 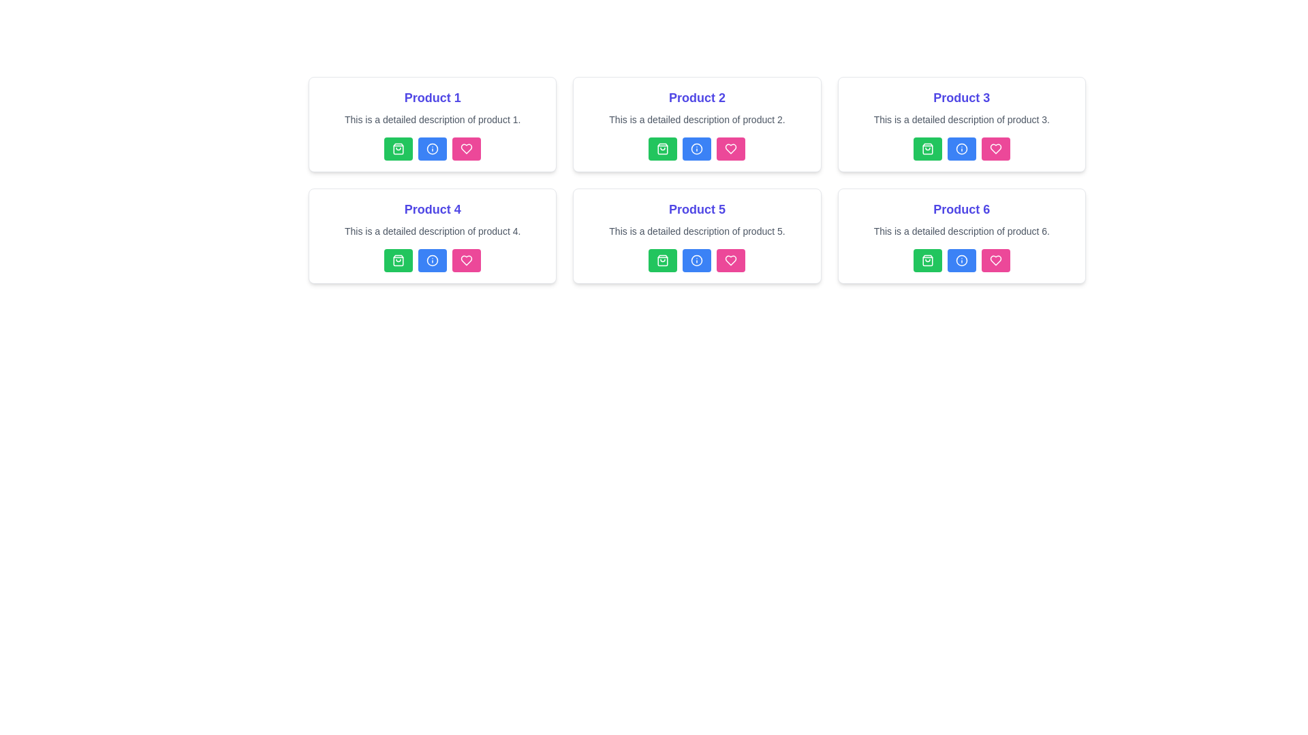 What do you see at coordinates (432, 210) in the screenshot?
I see `the Text label that represents the title of the product card for 'Product 4', located at the top of the card` at bounding box center [432, 210].